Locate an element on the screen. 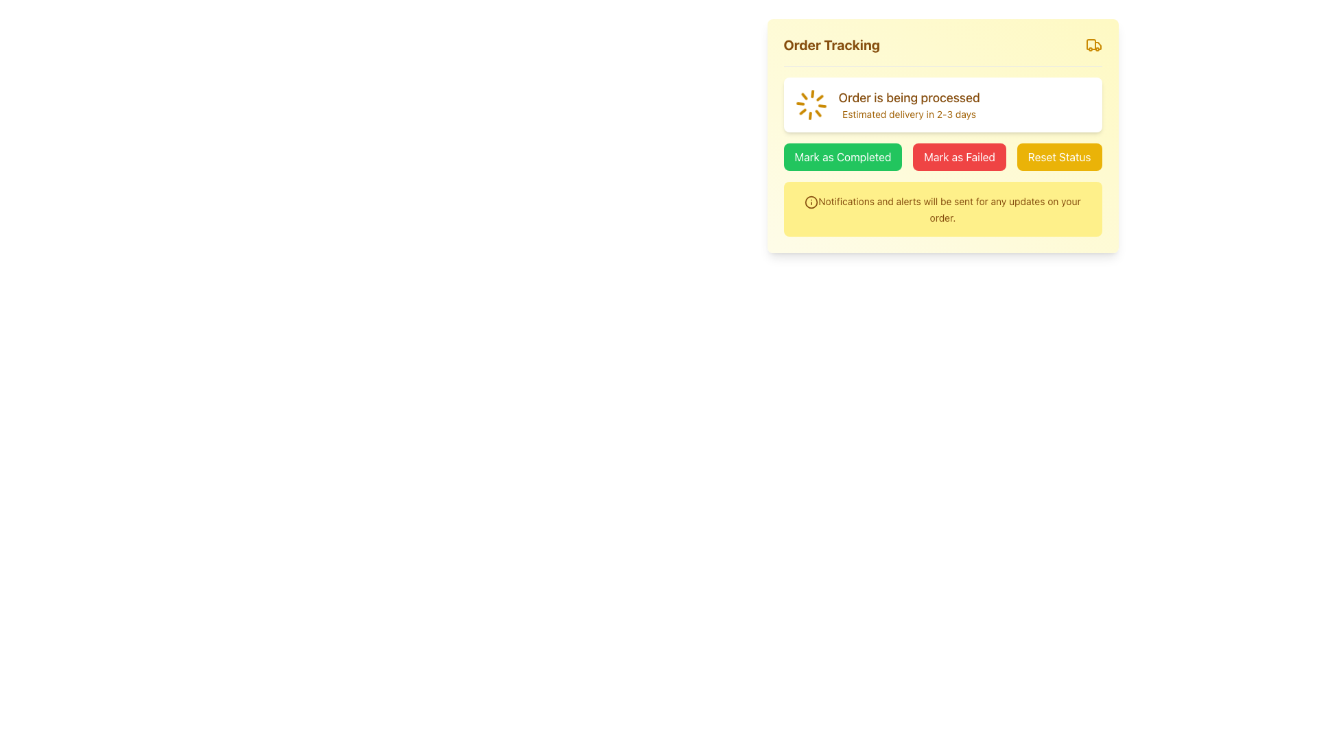 This screenshot has height=741, width=1317. the Text Label that conveys estimated delivery details, positioned below the 'Order is being processed.' text in the center-right card of the interface is located at coordinates (909, 113).